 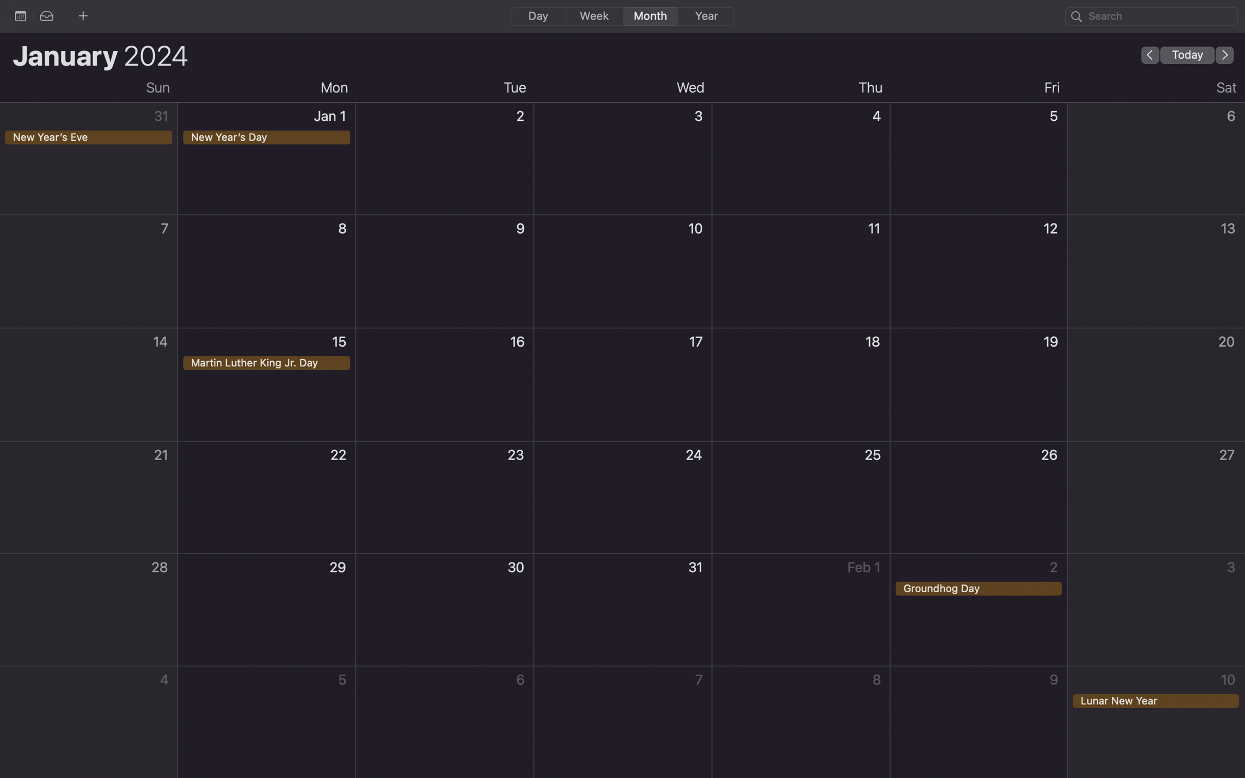 I want to click on Execute a double click on the event slated for Groundhog Day, so click(x=981, y=611).